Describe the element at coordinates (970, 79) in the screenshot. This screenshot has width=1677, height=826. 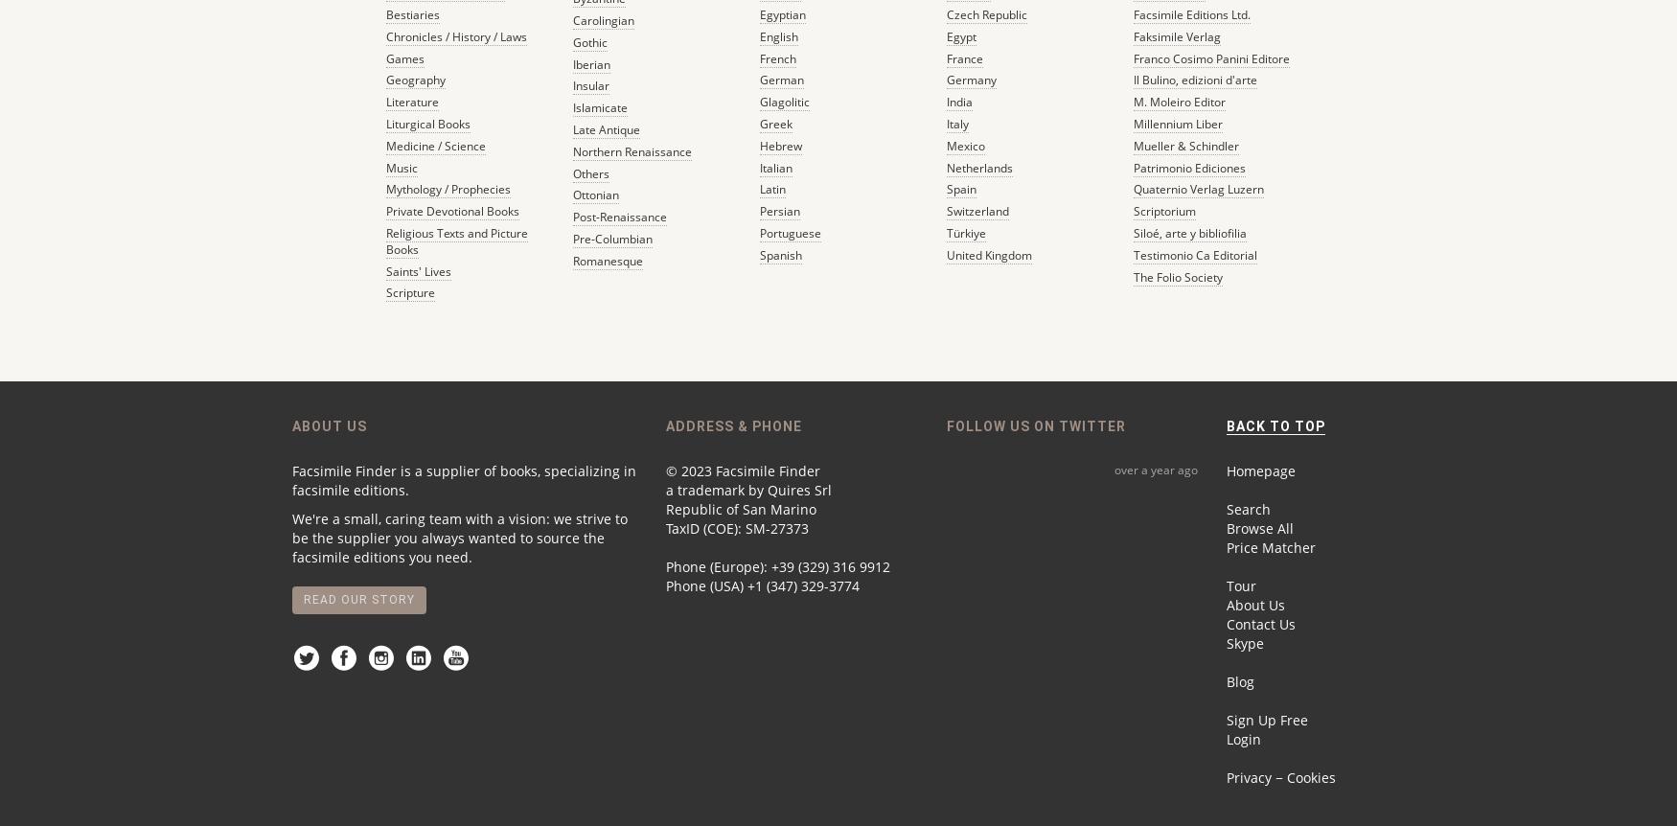
I see `'Germany'` at that location.